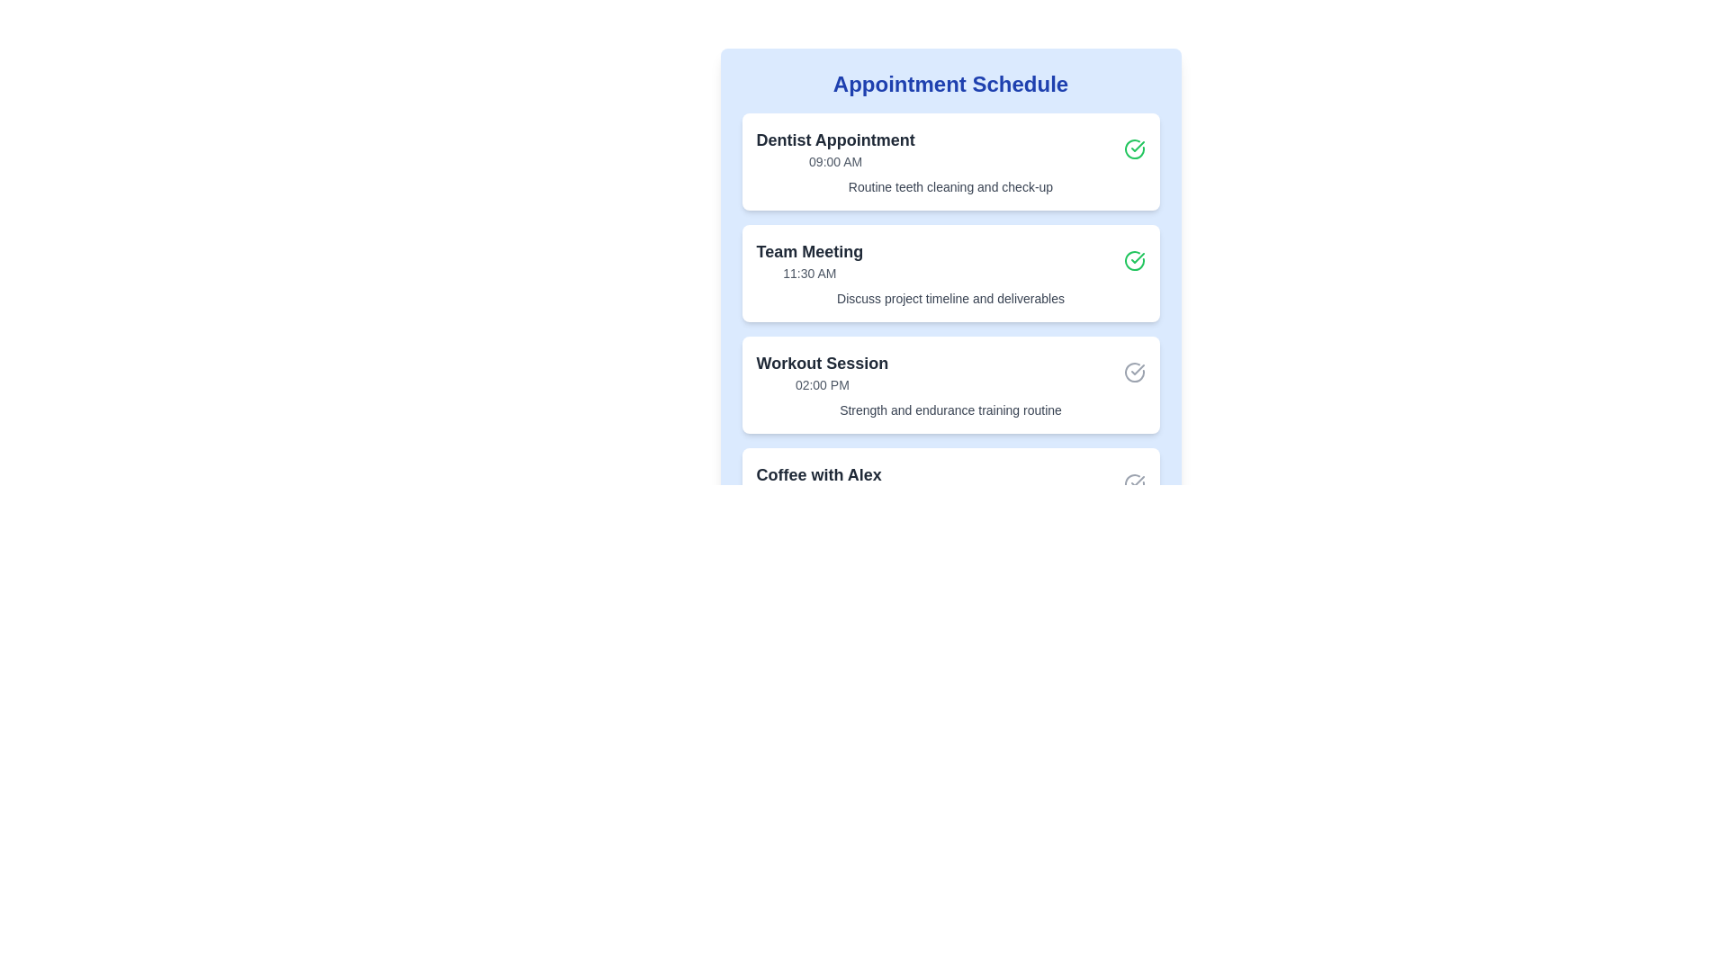  What do you see at coordinates (834, 162) in the screenshot?
I see `the static text label displaying the scheduled time for the Dentist Appointment, which is directly below the label 'Dentist Appointment' within the same card` at bounding box center [834, 162].